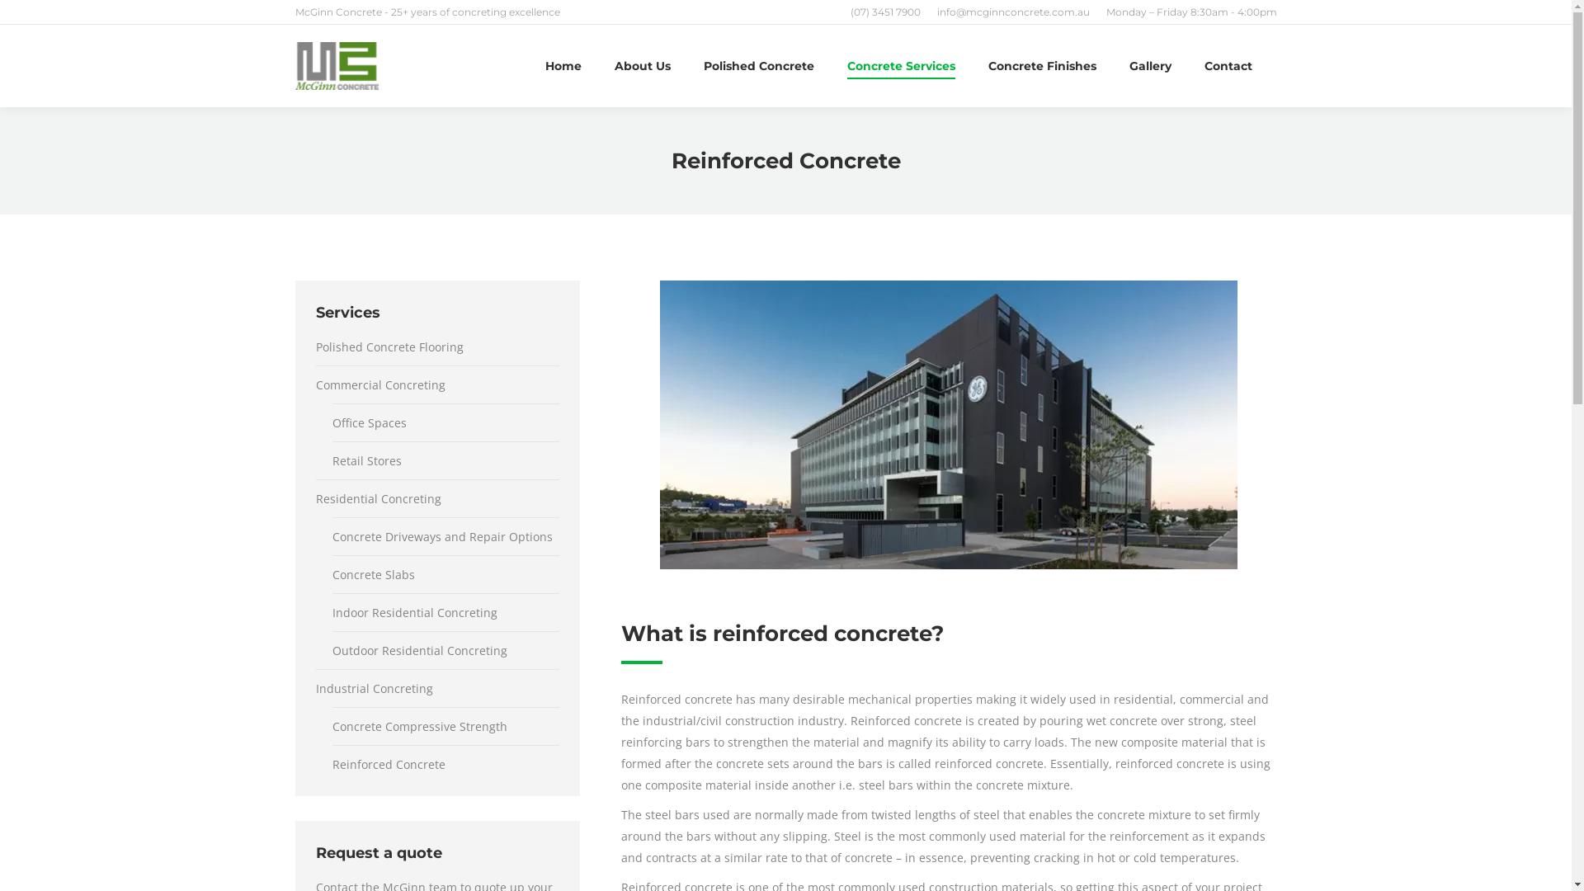 Image resolution: width=1584 pixels, height=891 pixels. Describe the element at coordinates (331, 461) in the screenshot. I see `'Retail Stores'` at that location.